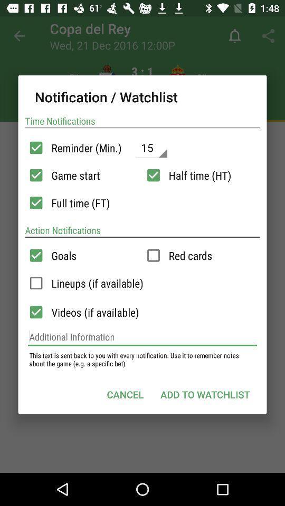 Image resolution: width=285 pixels, height=506 pixels. What do you see at coordinates (142, 336) in the screenshot?
I see `address page` at bounding box center [142, 336].